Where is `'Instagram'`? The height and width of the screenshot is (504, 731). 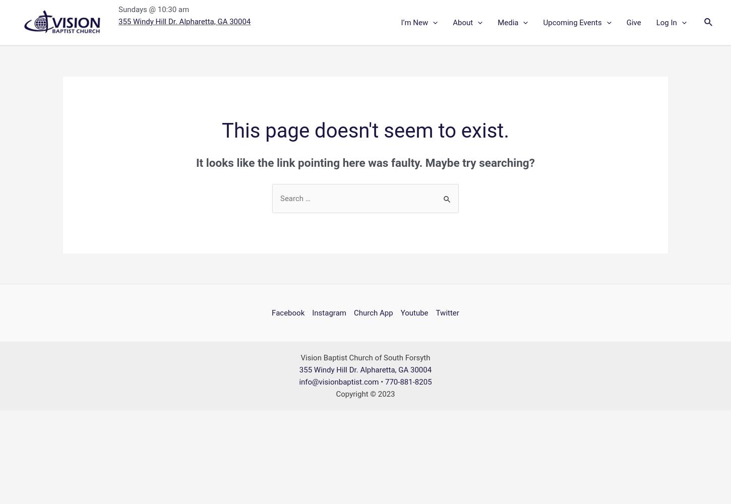
'Instagram' is located at coordinates (328, 312).